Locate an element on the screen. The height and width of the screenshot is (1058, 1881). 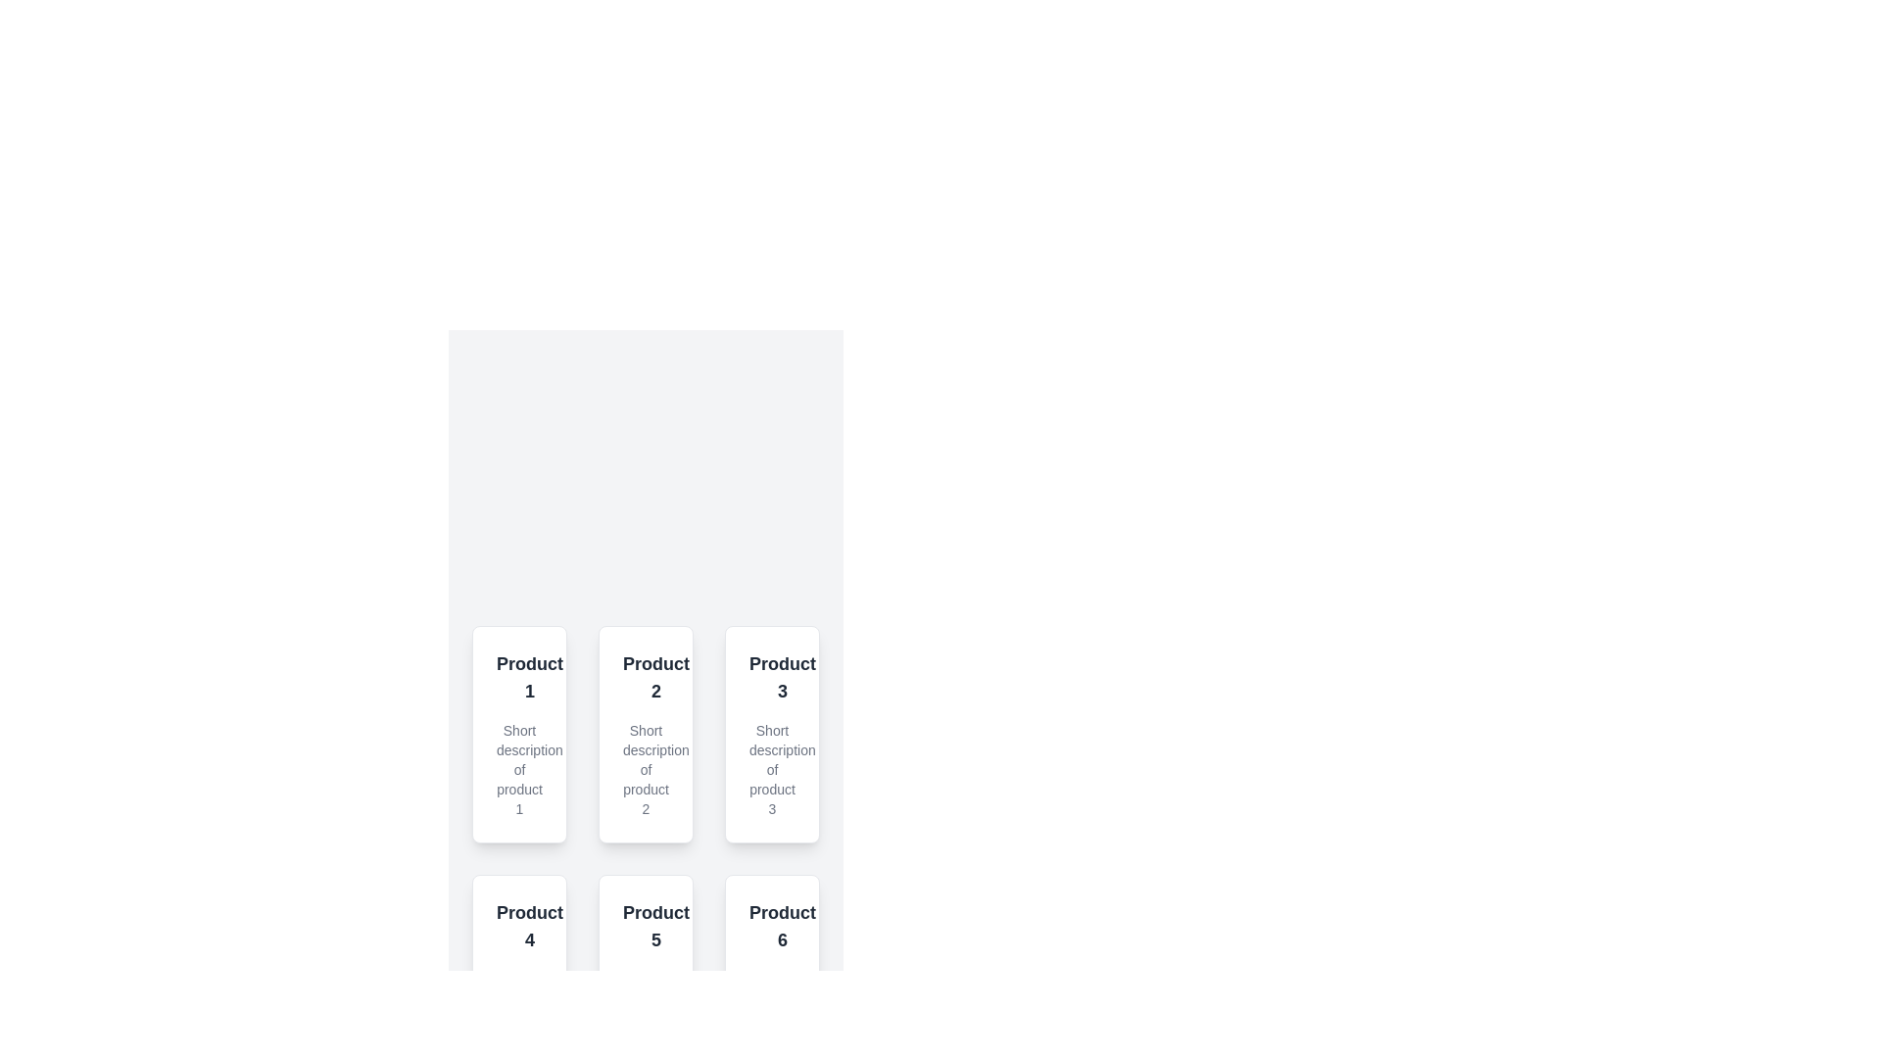
text details of the bold text label reading 'Product 6' located at the bottom-right of the product card grid is located at coordinates (782, 926).